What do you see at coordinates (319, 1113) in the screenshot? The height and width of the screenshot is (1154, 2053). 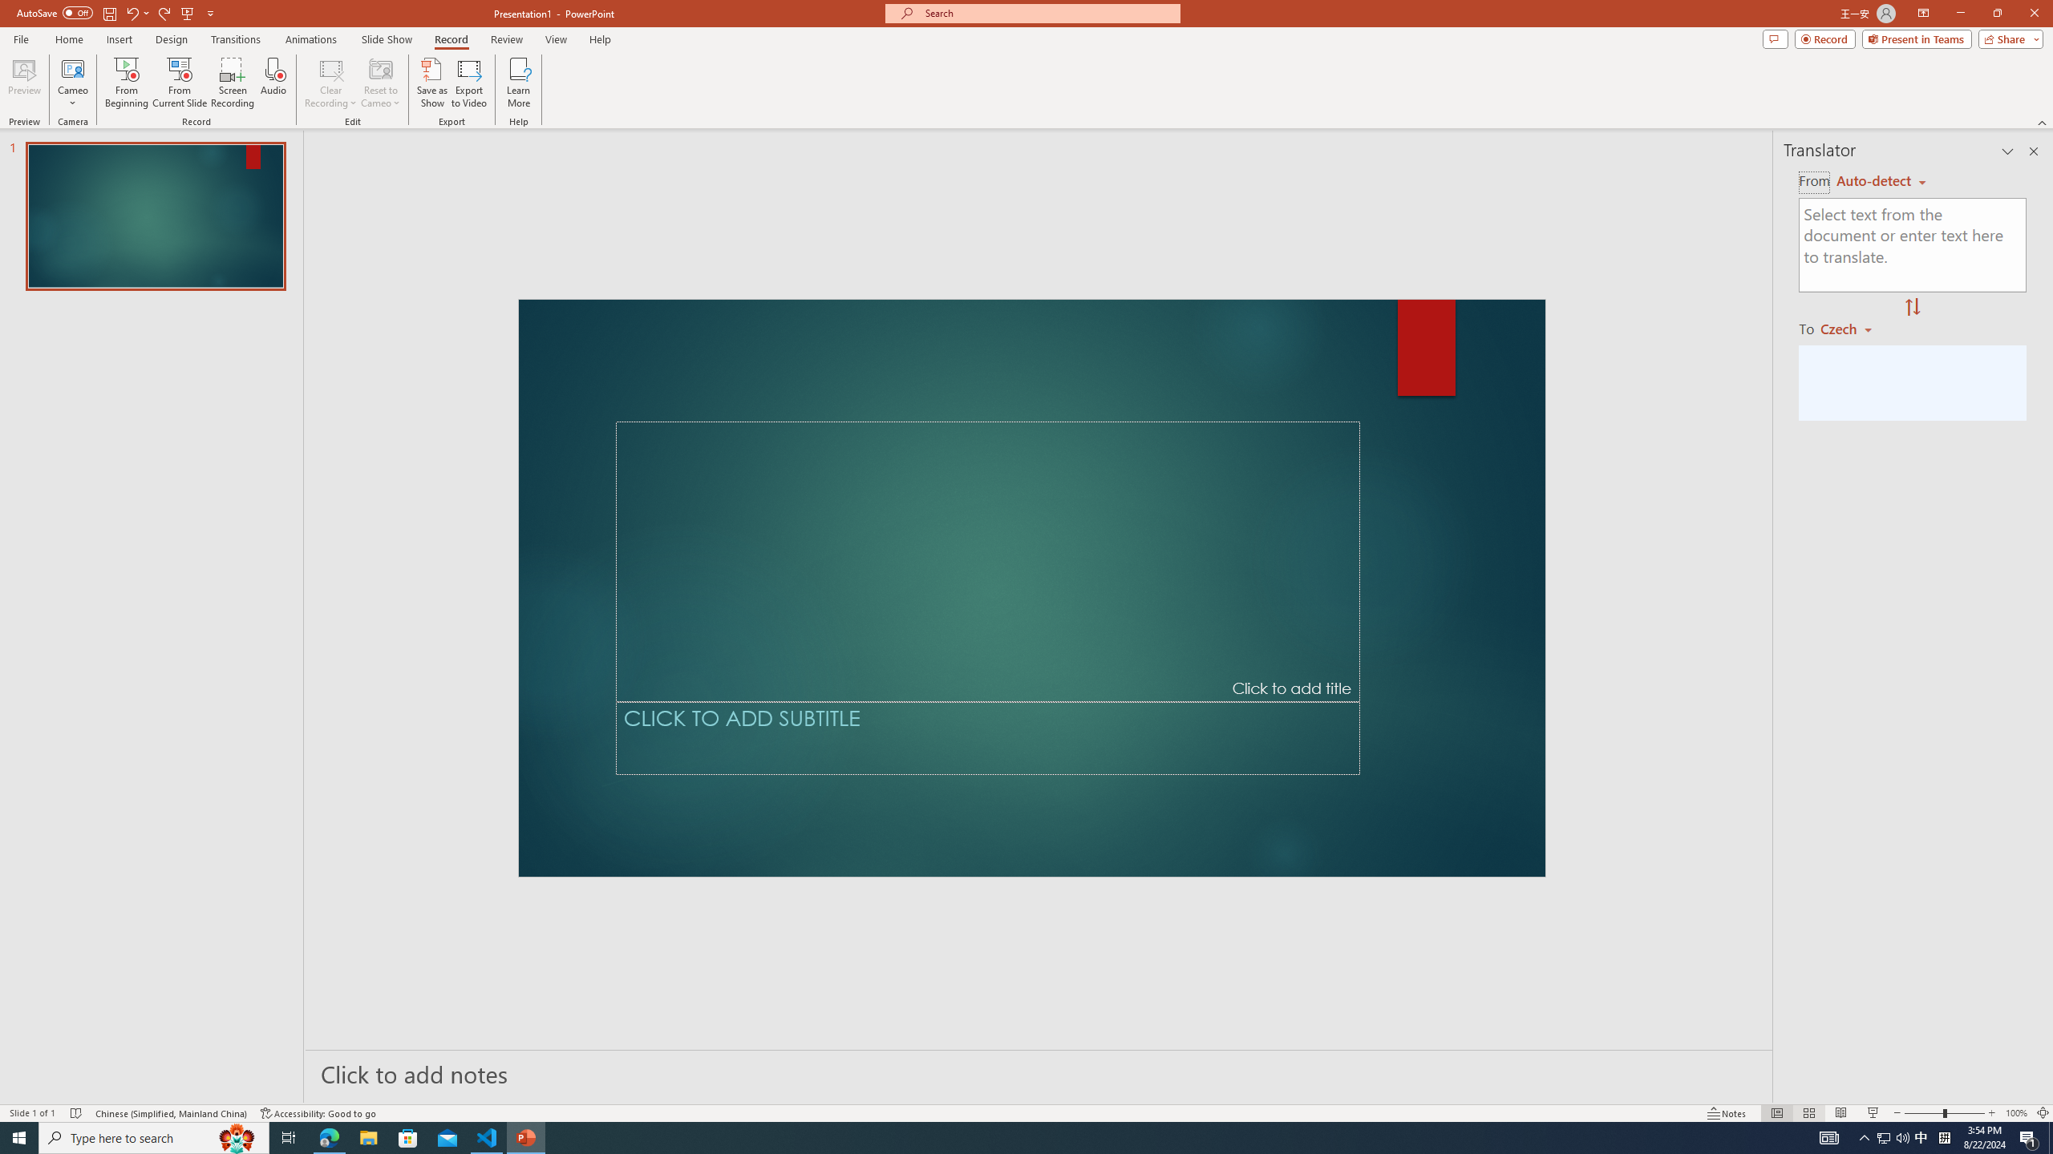 I see `'Accessibility Checker Accessibility: Good to go'` at bounding box center [319, 1113].